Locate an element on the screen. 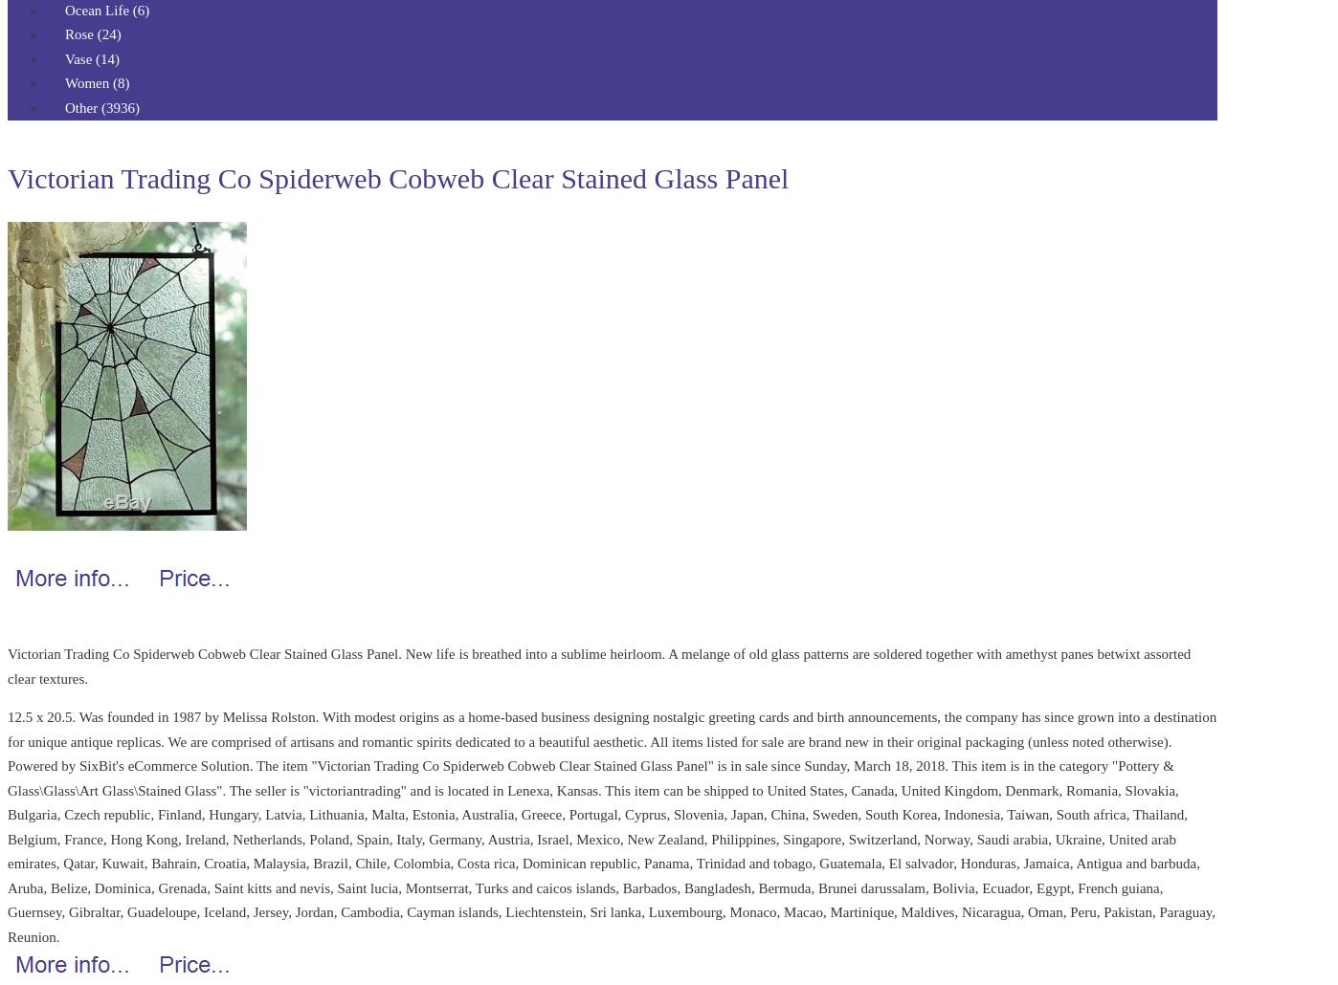  'Other (3936)' is located at coordinates (101, 105).